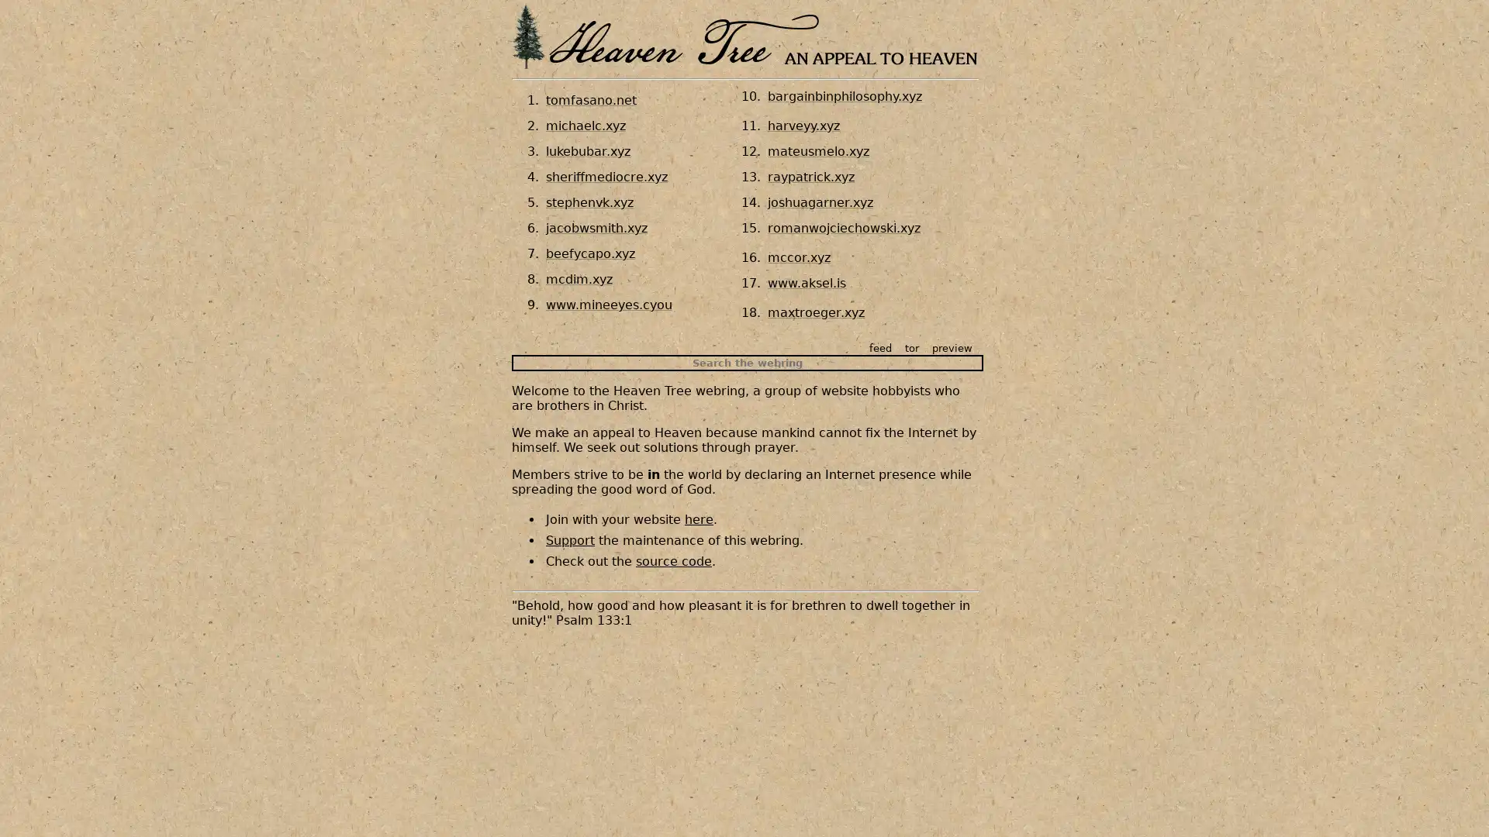 The height and width of the screenshot is (837, 1489). I want to click on tor, so click(912, 347).